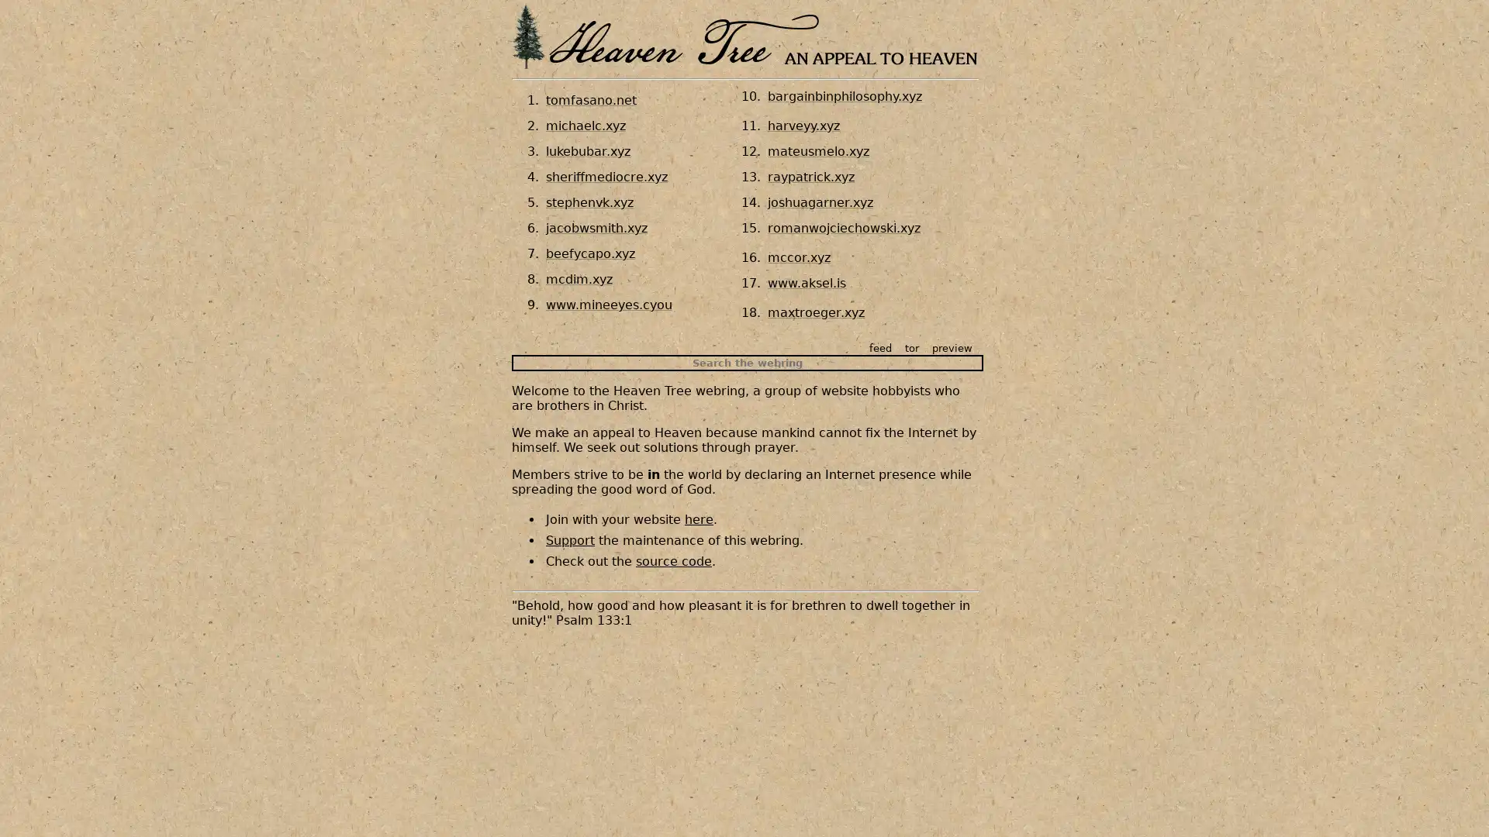 The height and width of the screenshot is (837, 1489). I want to click on tor, so click(912, 347).